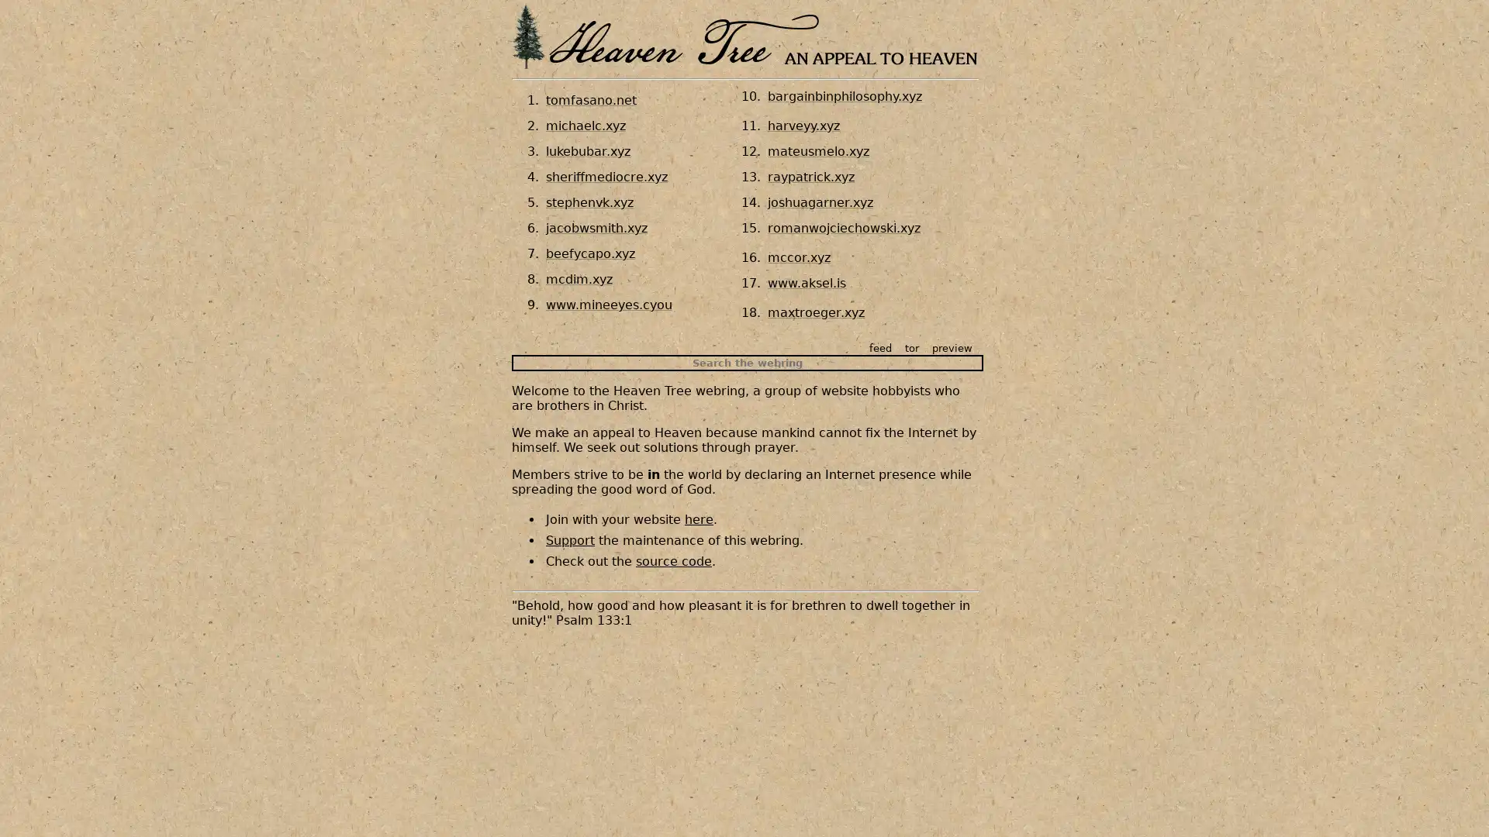 The height and width of the screenshot is (837, 1489). I want to click on tor, so click(912, 347).